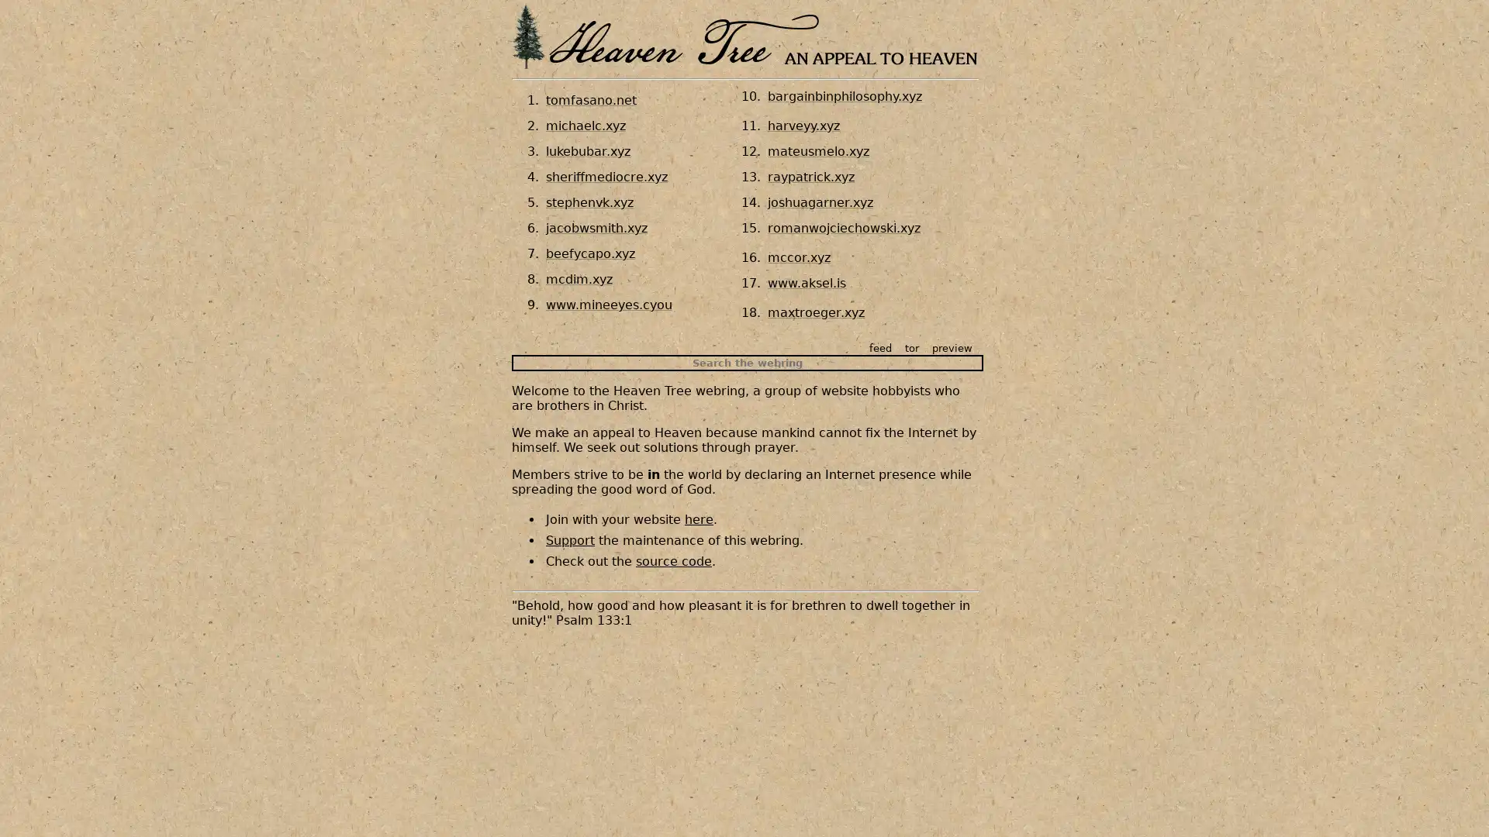 The height and width of the screenshot is (837, 1489). I want to click on tor, so click(912, 347).